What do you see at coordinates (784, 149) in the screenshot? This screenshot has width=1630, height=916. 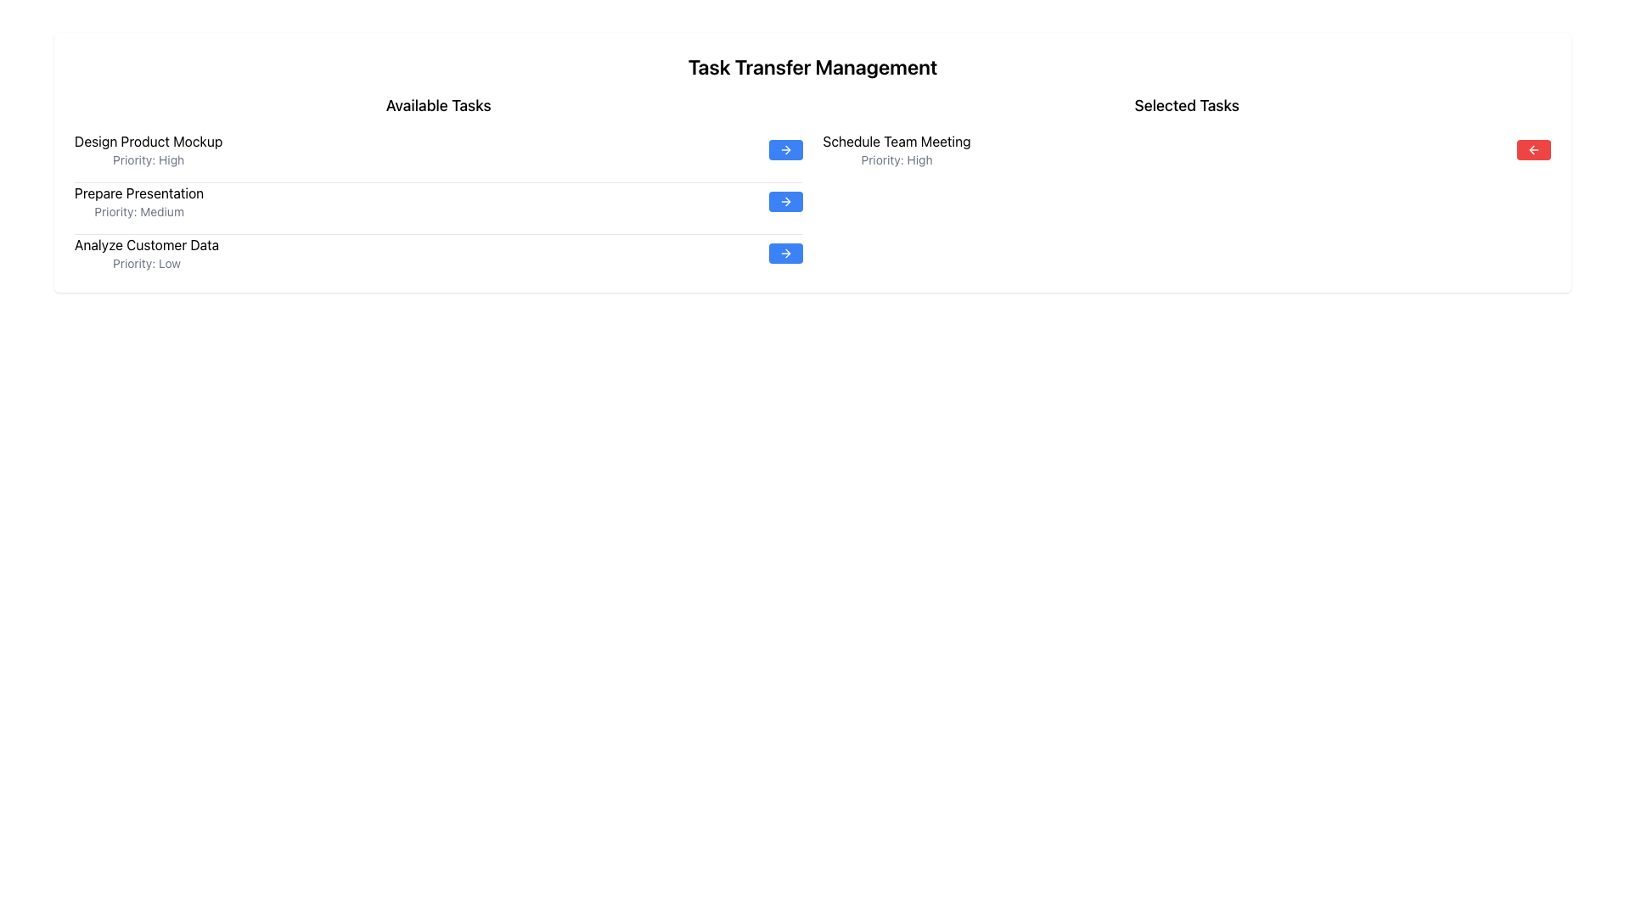 I see `the transfer button located in the 'Available Tasks' section under the 'Design Product Mockup' row to observe any hover effects` at bounding box center [784, 149].